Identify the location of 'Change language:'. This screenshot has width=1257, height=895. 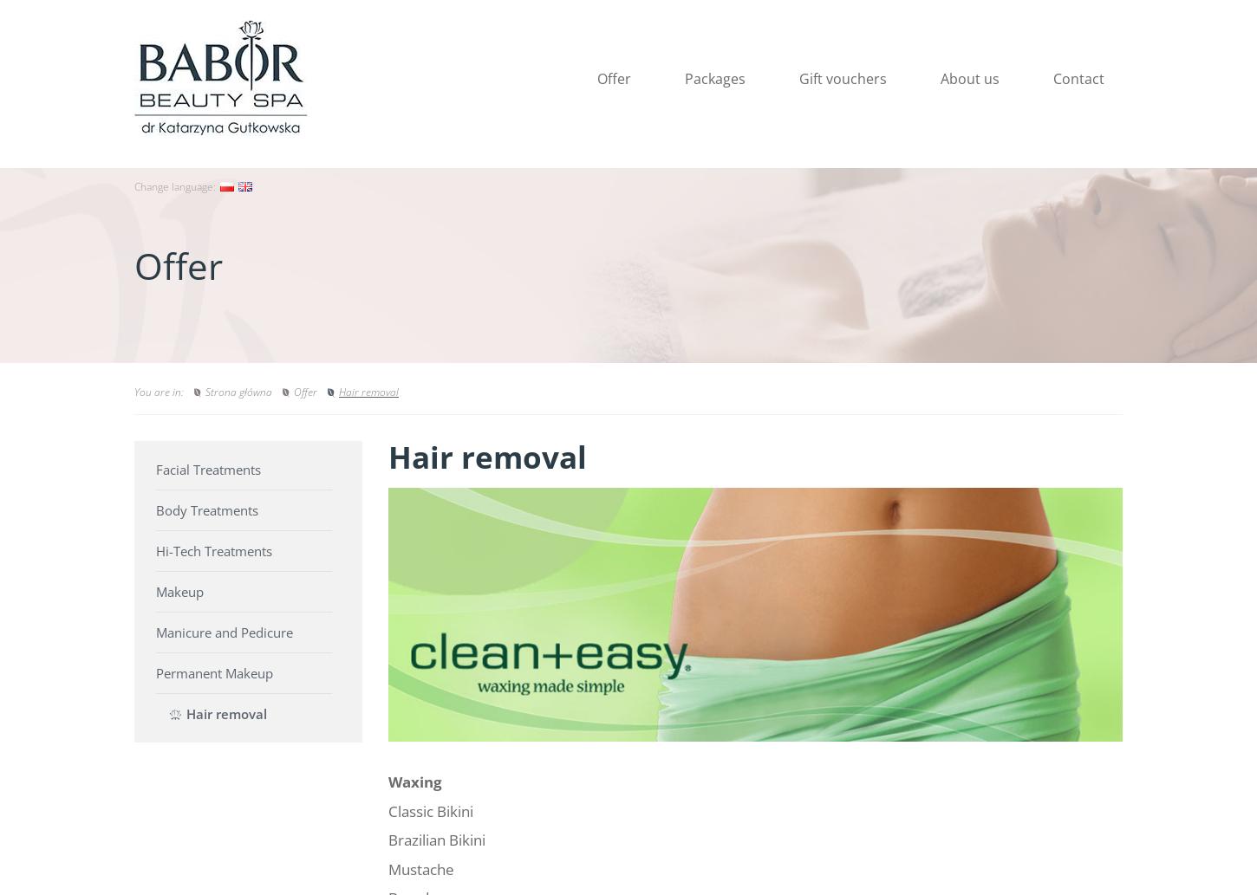
(173, 185).